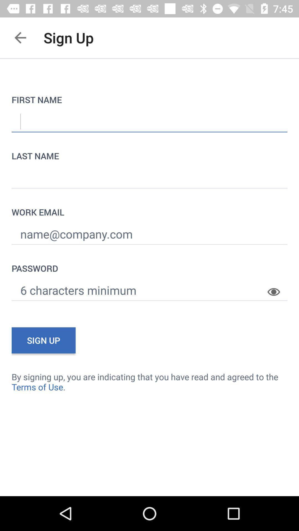 The width and height of the screenshot is (299, 531). What do you see at coordinates (277, 287) in the screenshot?
I see `the item below password item` at bounding box center [277, 287].